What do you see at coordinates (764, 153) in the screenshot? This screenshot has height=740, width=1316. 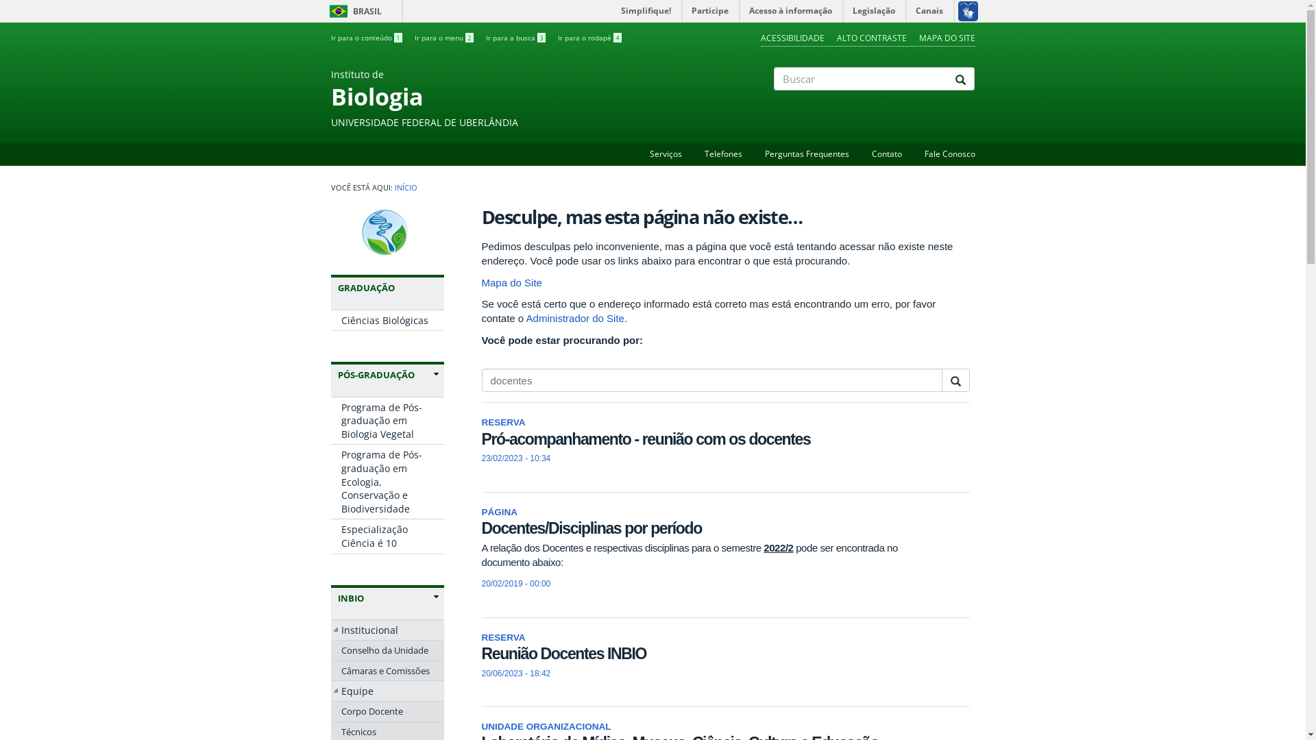 I see `'Perguntas Frequentes'` at bounding box center [764, 153].